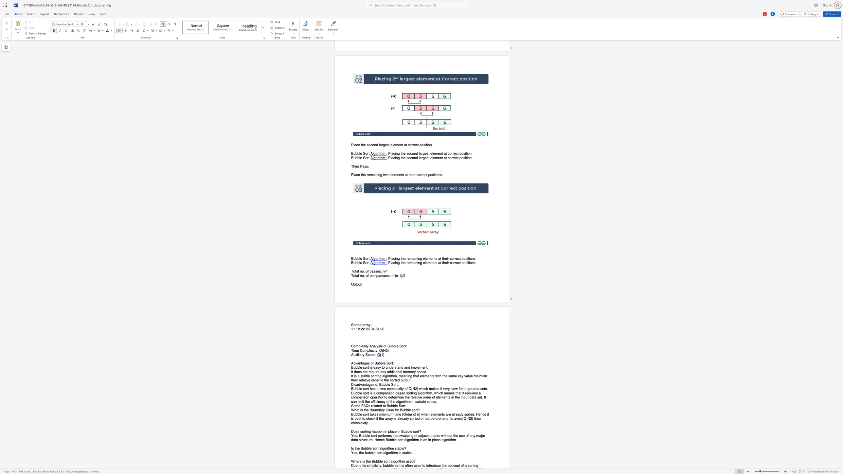  I want to click on the subset text "in" within the text "Does sorting happen in place in Bubble sort?", so click(398, 431).